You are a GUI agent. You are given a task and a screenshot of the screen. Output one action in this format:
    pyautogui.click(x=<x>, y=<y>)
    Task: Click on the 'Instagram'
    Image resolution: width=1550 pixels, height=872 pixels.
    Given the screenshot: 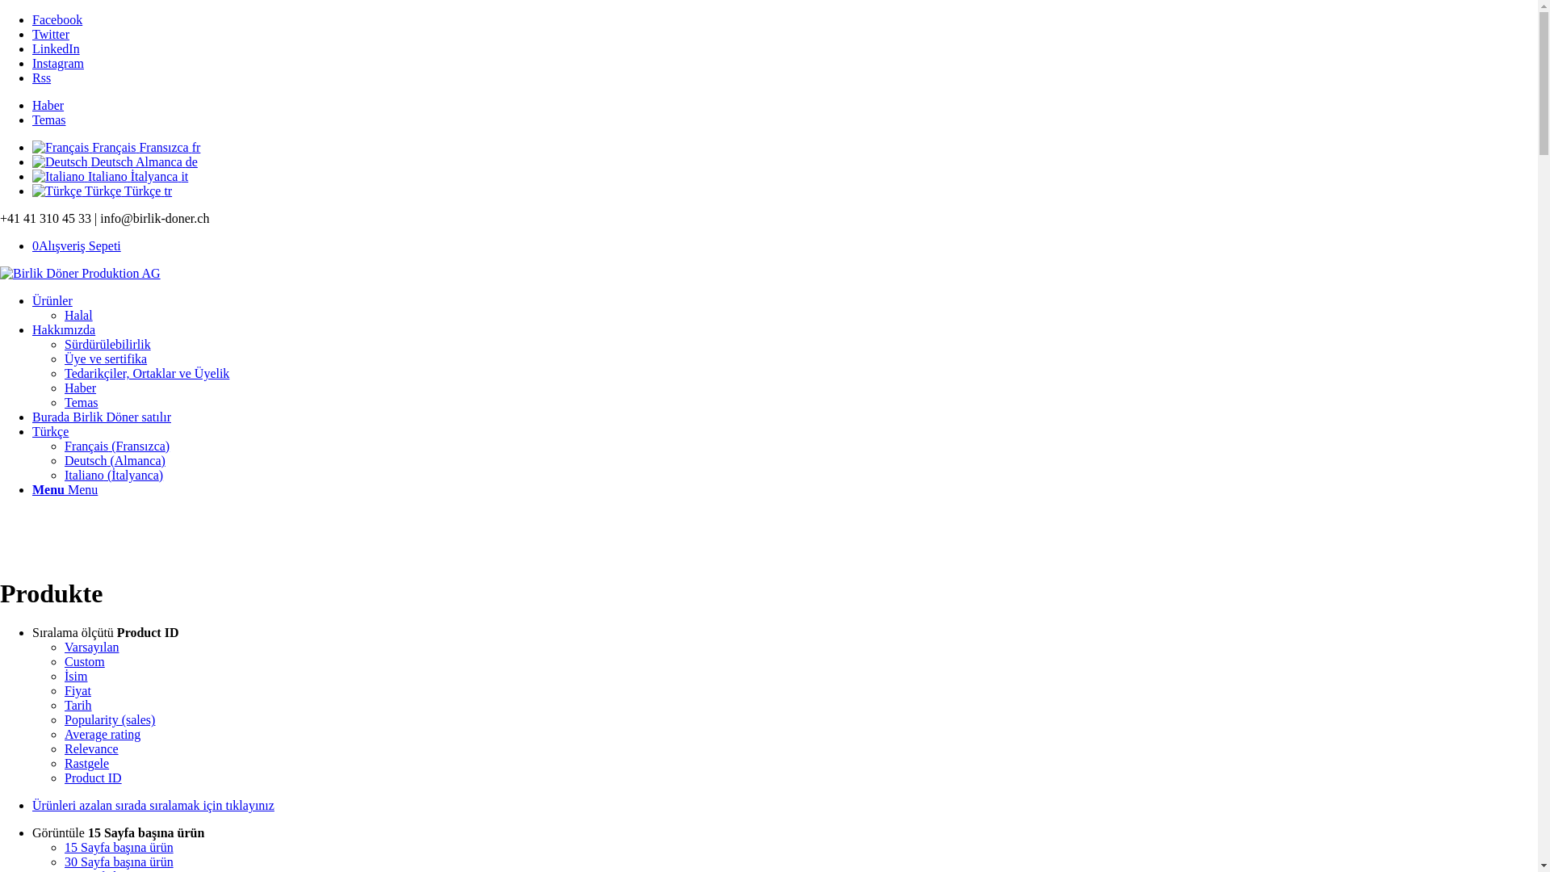 What is the action you would take?
    pyautogui.click(x=58, y=62)
    